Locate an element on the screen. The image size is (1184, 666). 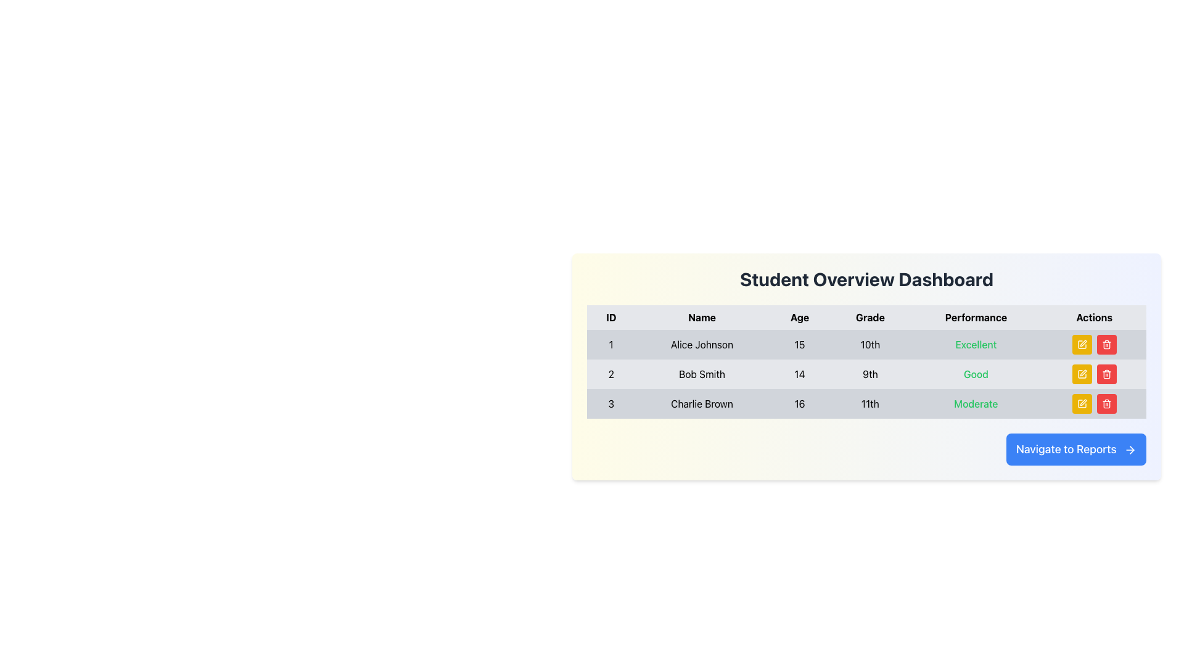
the Table Header Cell that contains the text 'Name' in bold, located in the header row of the table is located at coordinates (702, 317).